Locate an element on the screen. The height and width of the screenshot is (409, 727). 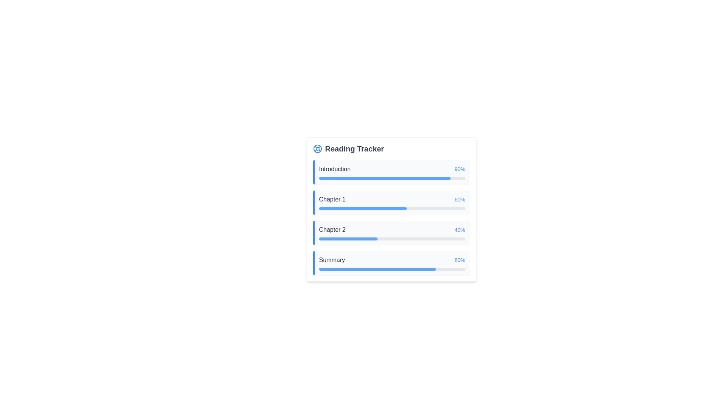
the text label displaying '60%' styled in blue color, located to the right of the progress bar in the second row under 'Chapter 1' is located at coordinates (459, 199).